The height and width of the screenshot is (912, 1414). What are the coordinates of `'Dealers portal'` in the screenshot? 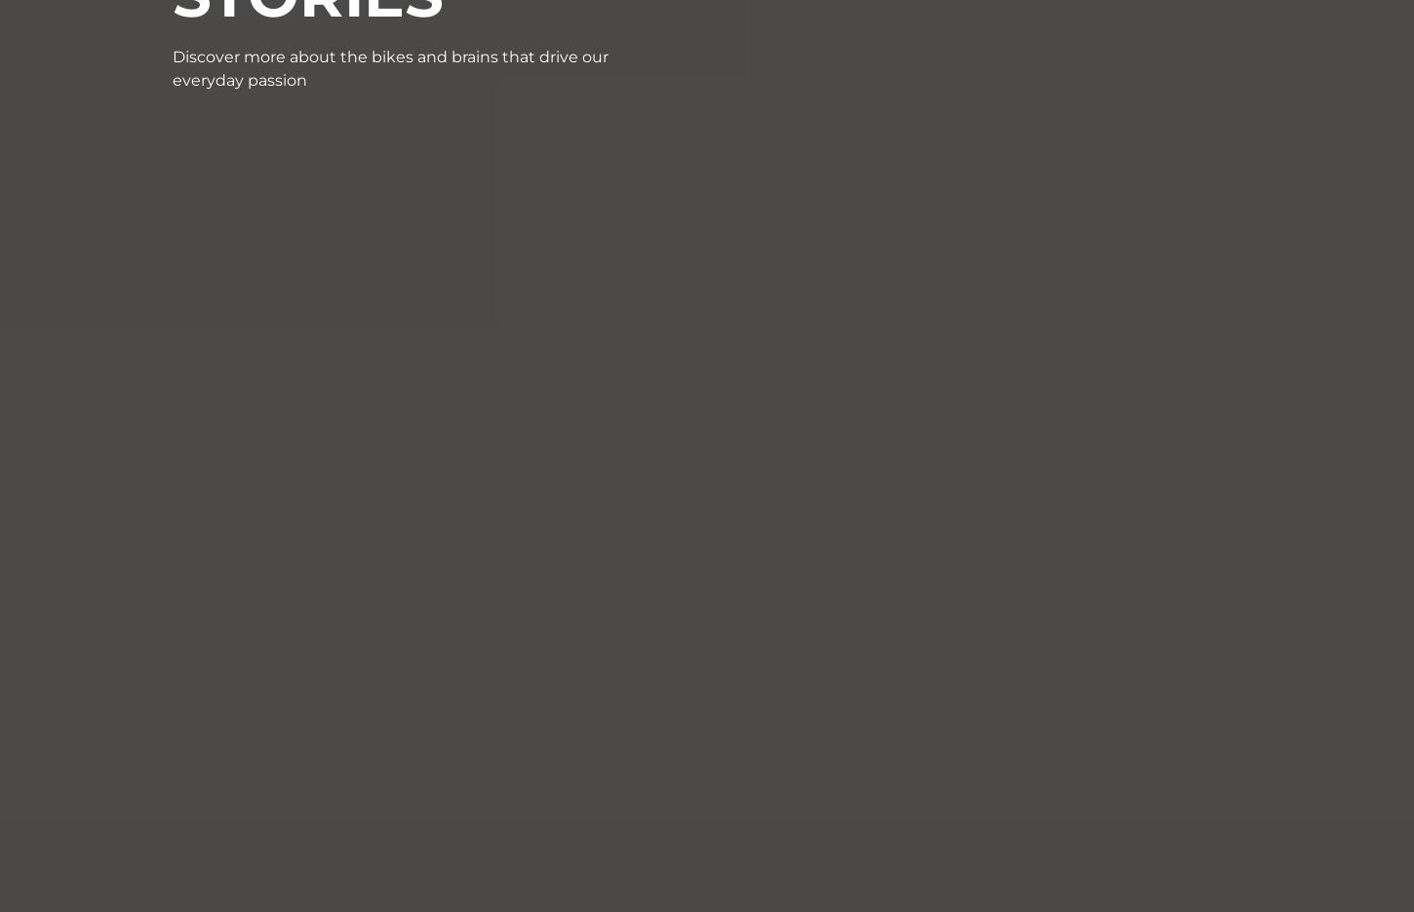 It's located at (996, 633).